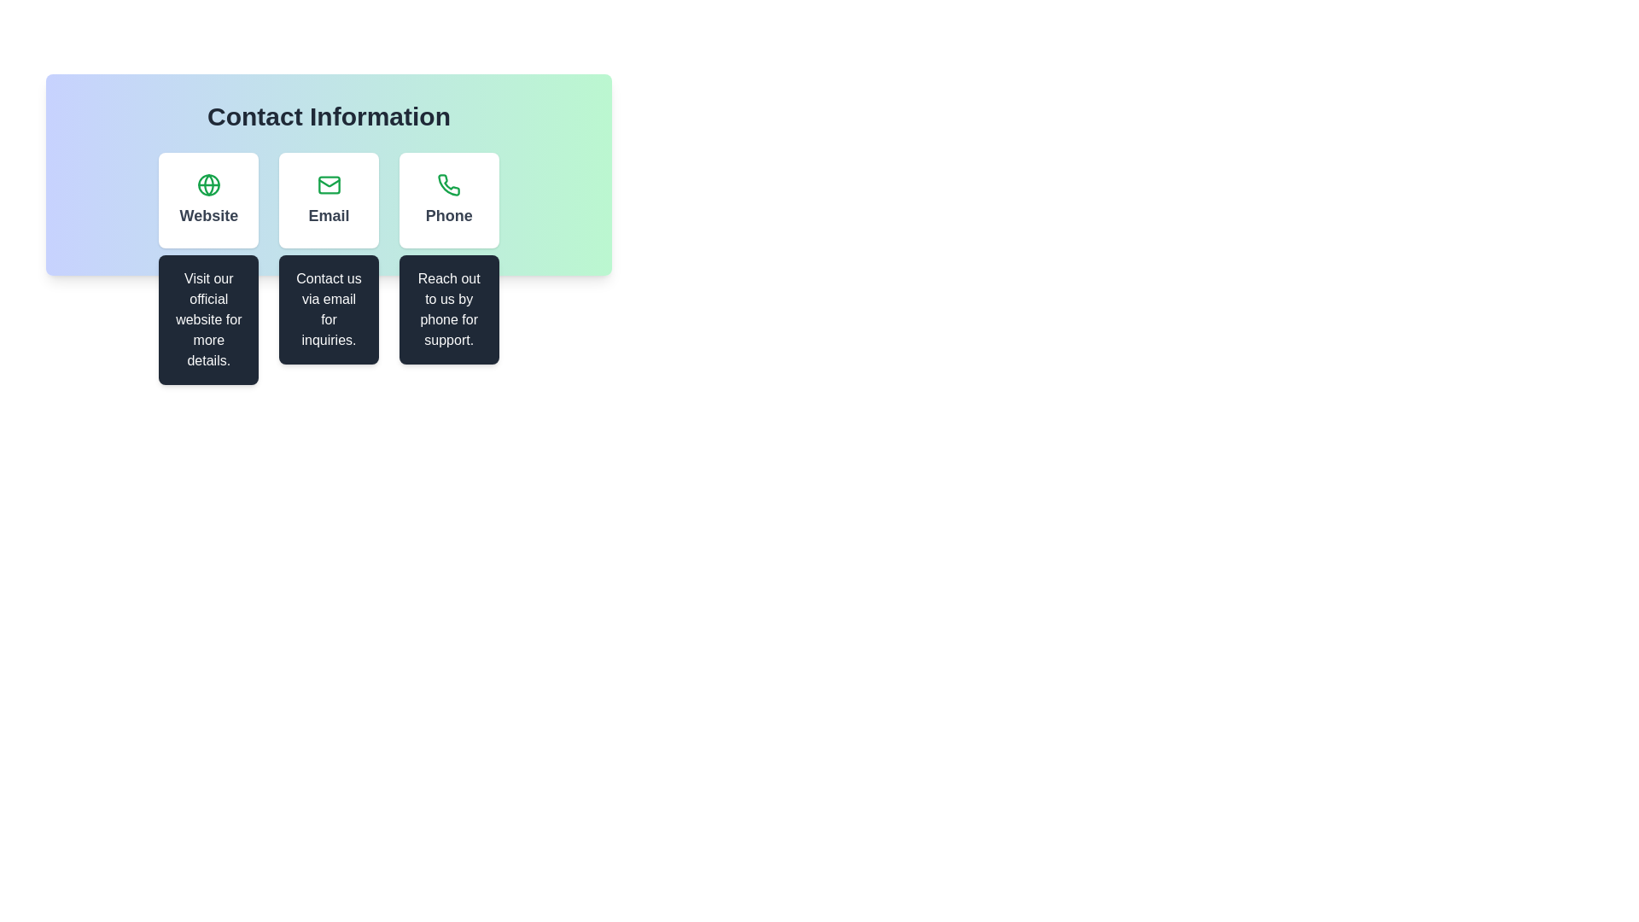  Describe the element at coordinates (449, 215) in the screenshot. I see `the 'Phone' text label, which is a bold header styled in grey color and centered alignment within a card for phone support` at that location.